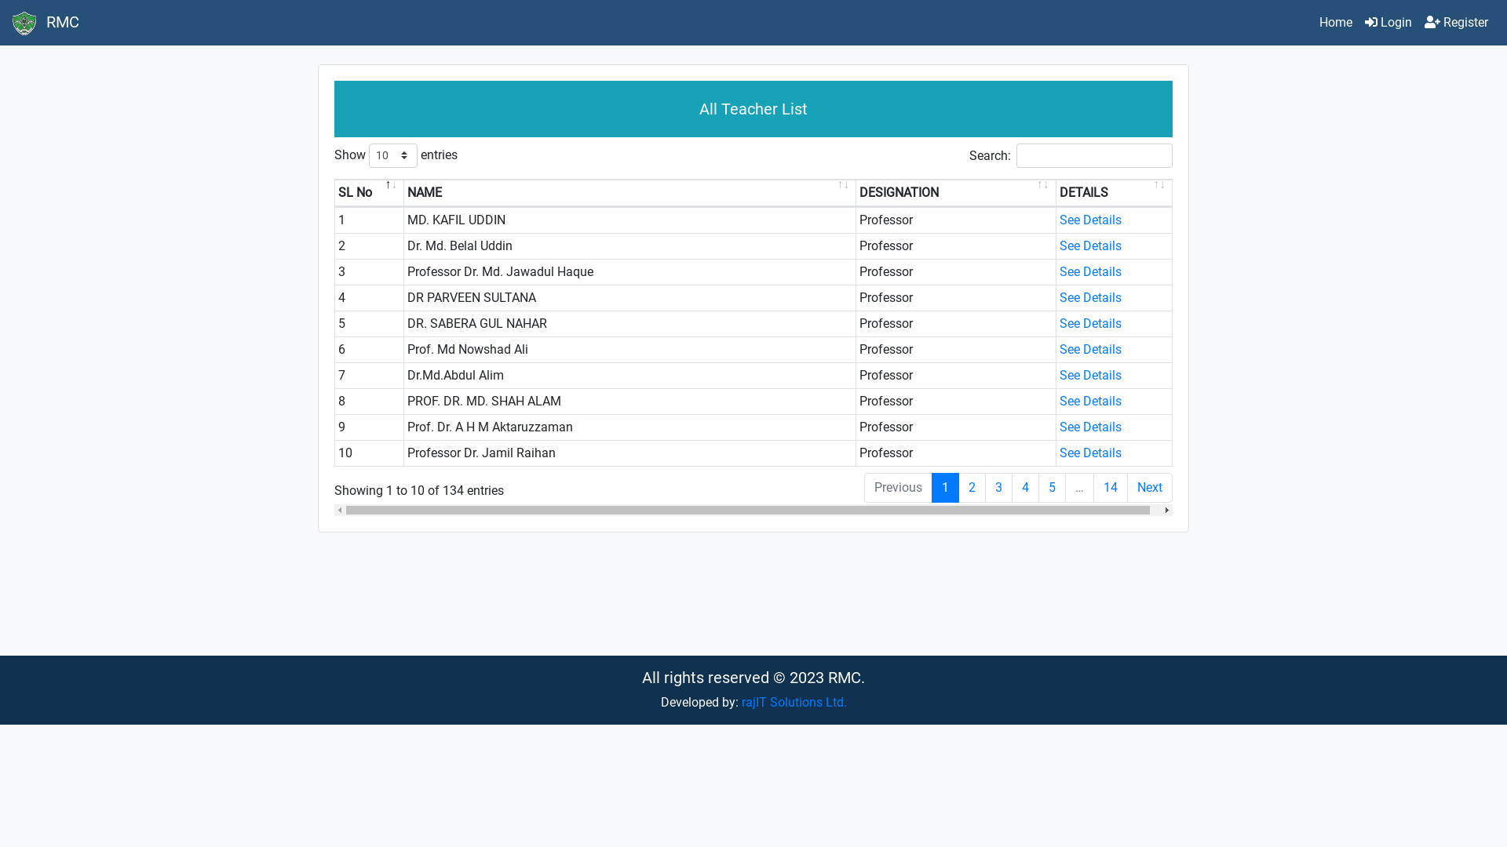  I want to click on 'See Details', so click(1059, 322).